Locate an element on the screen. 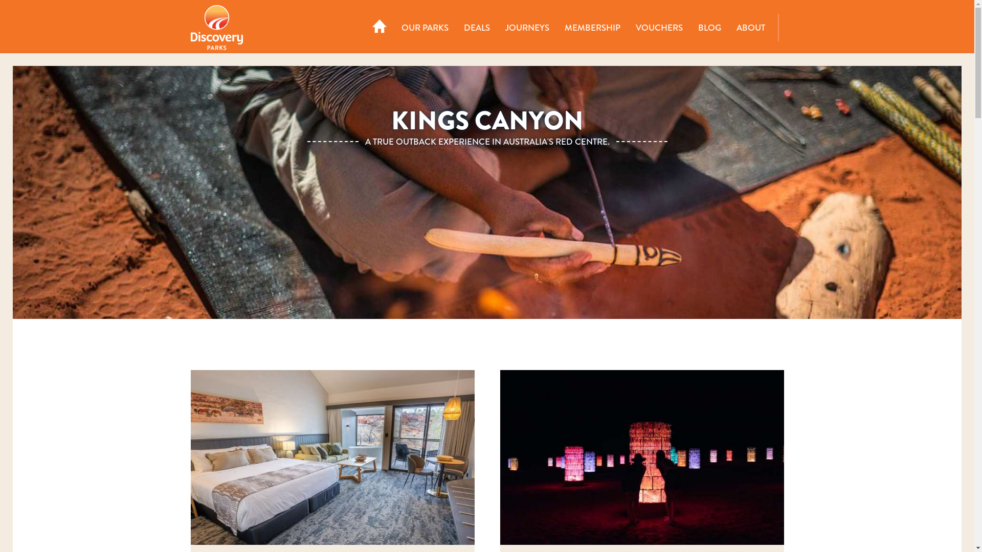 This screenshot has width=982, height=552. 'BLOG' is located at coordinates (709, 27).